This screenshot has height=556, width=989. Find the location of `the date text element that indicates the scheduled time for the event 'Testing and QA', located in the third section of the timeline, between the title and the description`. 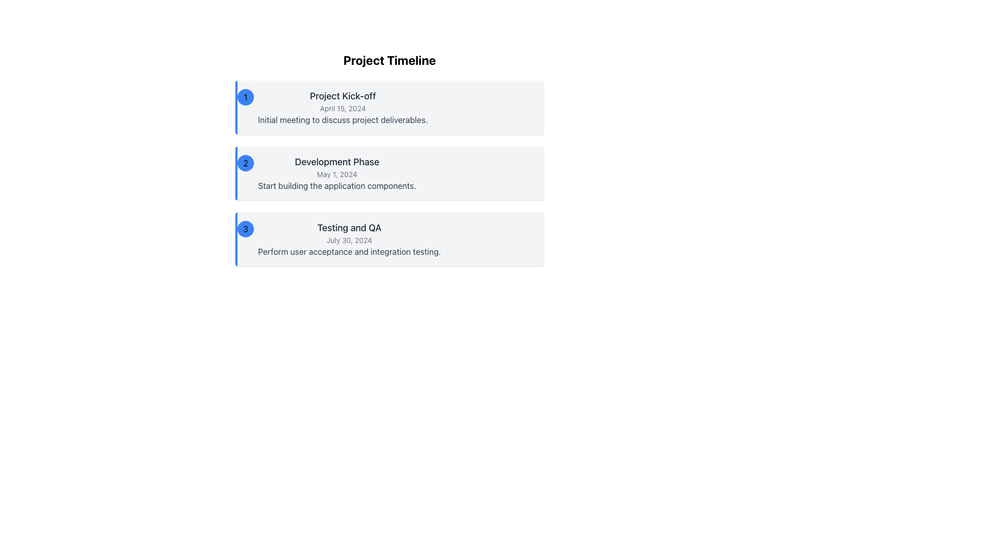

the date text element that indicates the scheduled time for the event 'Testing and QA', located in the third section of the timeline, between the title and the description is located at coordinates (349, 240).